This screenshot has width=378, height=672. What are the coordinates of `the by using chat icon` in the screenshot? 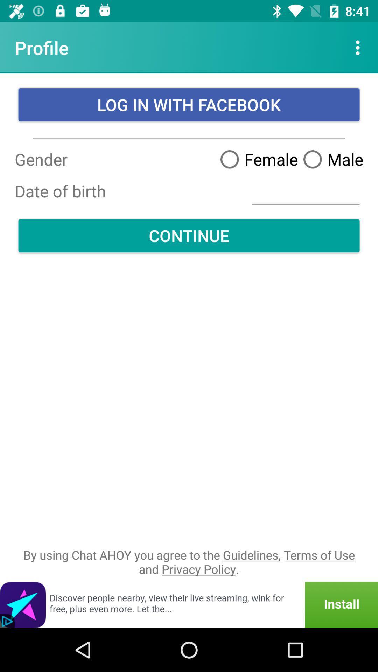 It's located at (189, 562).